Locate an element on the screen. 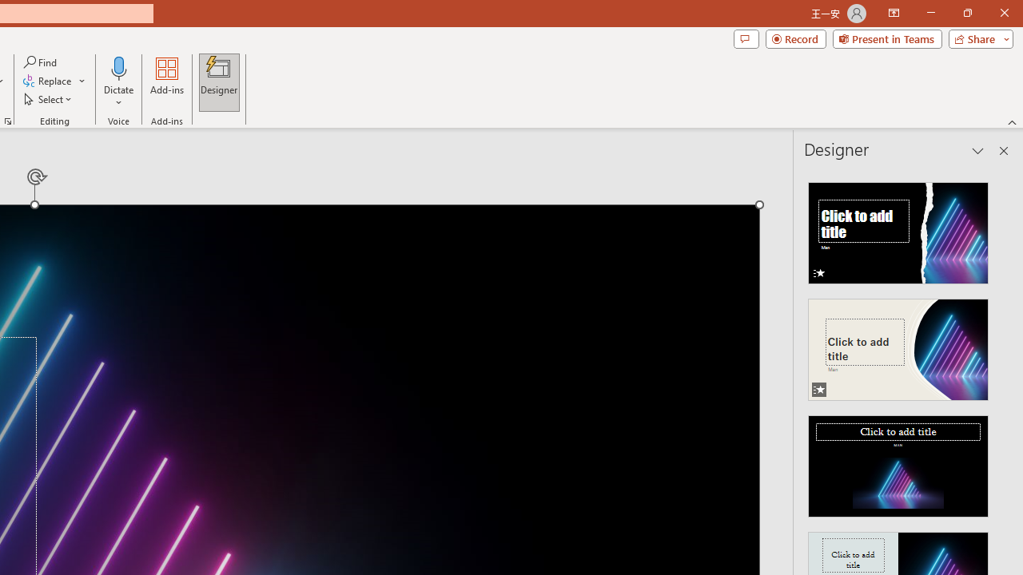 The image size is (1023, 575). 'Present in Teams' is located at coordinates (886, 38).